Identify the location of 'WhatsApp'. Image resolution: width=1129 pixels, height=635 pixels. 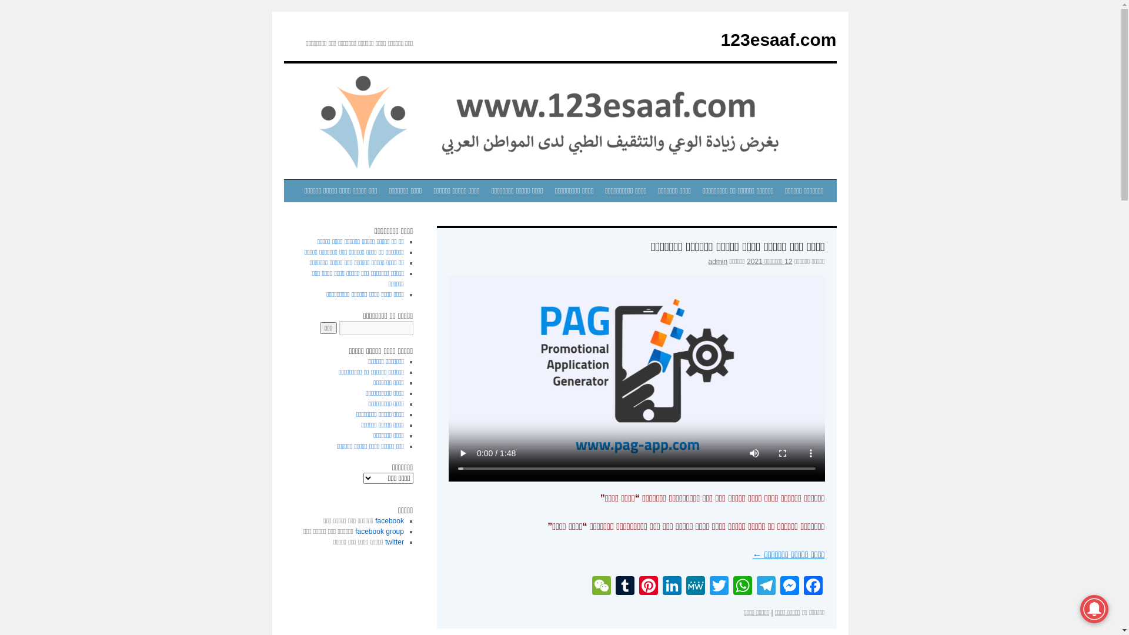
(741, 587).